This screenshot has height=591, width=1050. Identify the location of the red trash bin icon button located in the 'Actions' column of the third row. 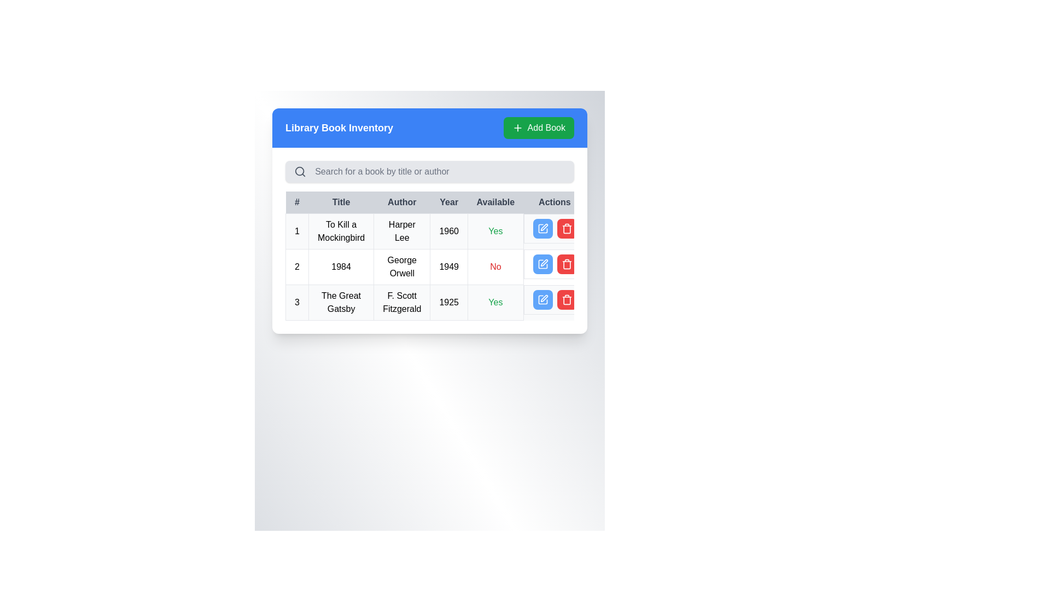
(567, 299).